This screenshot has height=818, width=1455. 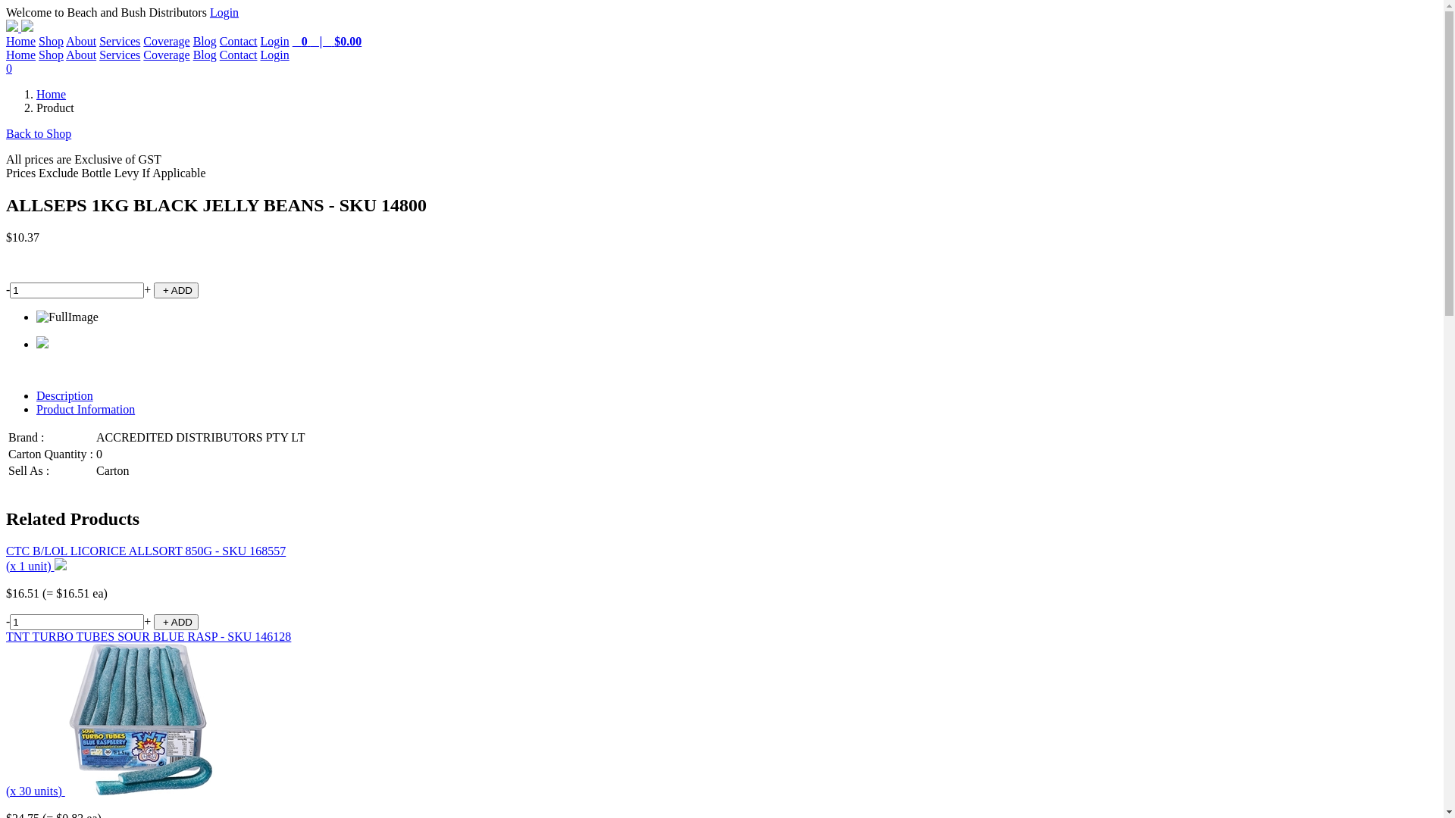 I want to click on 'Services', so click(x=119, y=40).